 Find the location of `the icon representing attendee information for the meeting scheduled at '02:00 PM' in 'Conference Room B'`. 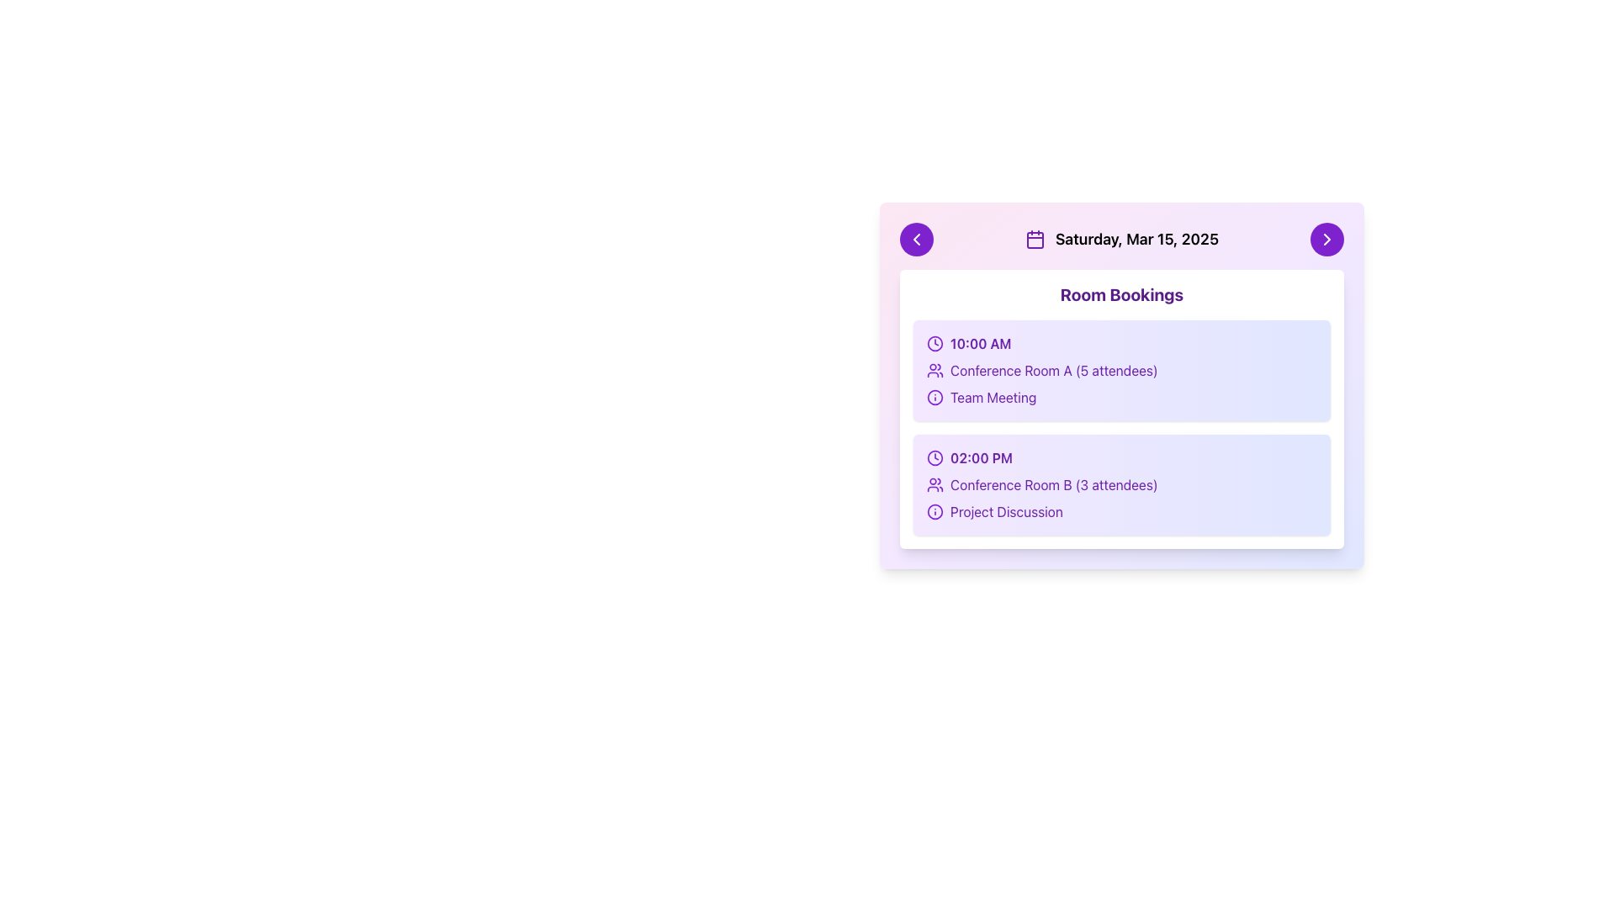

the icon representing attendee information for the meeting scheduled at '02:00 PM' in 'Conference Room B' is located at coordinates (935, 485).